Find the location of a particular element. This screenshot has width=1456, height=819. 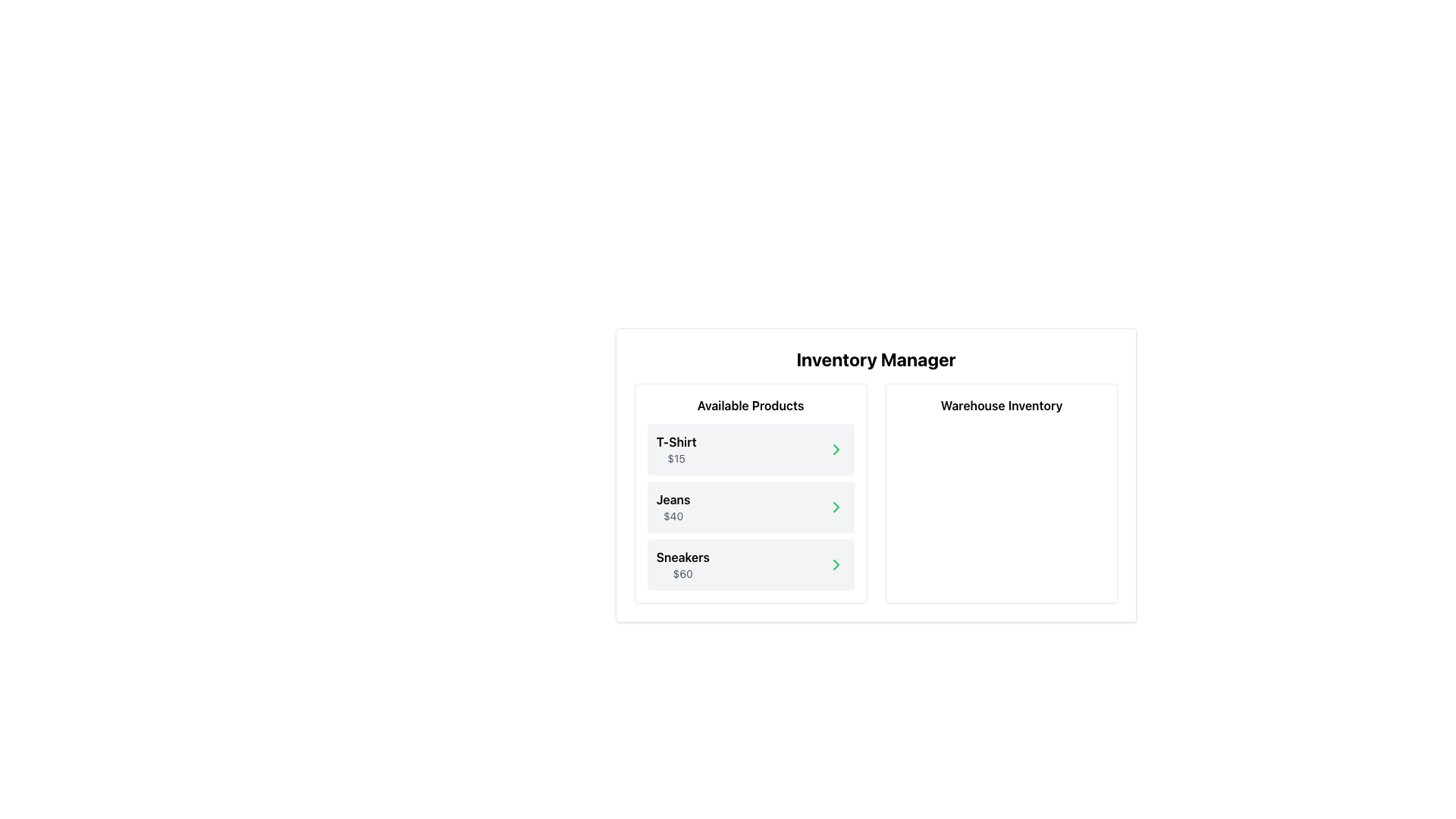

the text label displaying the product 'Jeans' with a price of '$40', which is the second item under the 'Available Products' header is located at coordinates (673, 507).